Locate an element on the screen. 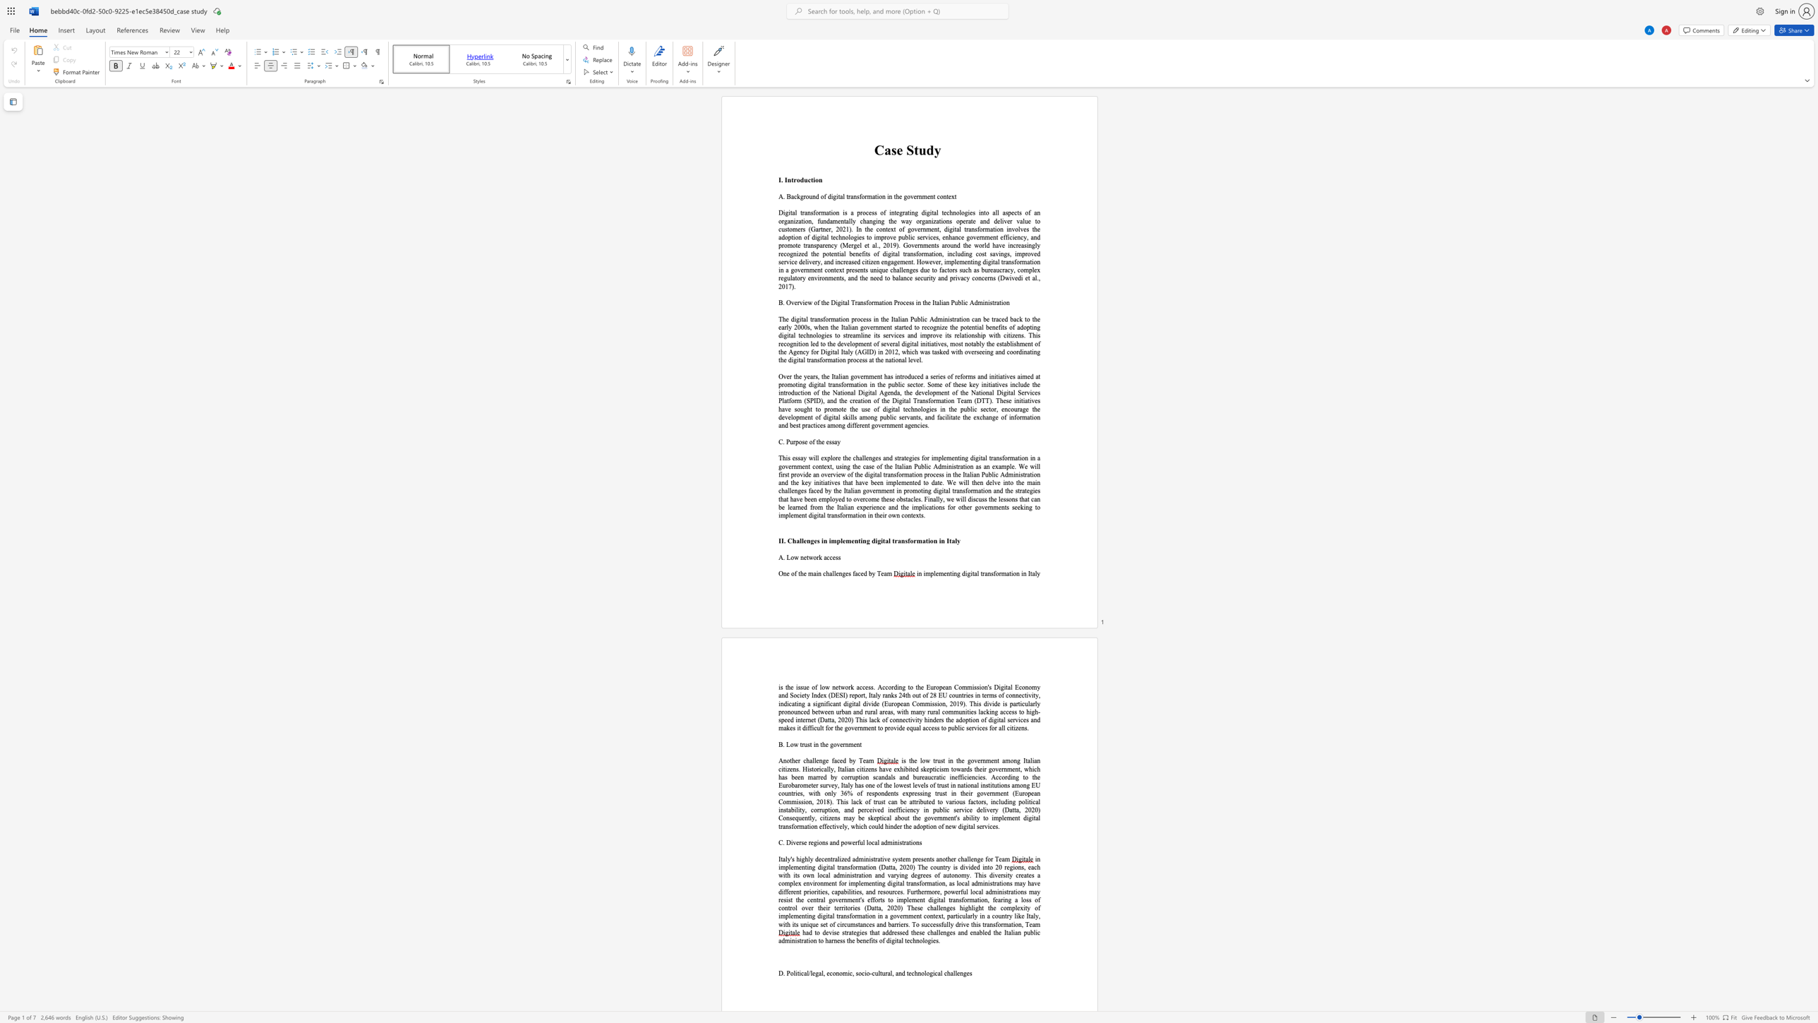  the subset text "ntro" within the text "I. Introduction" is located at coordinates (787, 180).